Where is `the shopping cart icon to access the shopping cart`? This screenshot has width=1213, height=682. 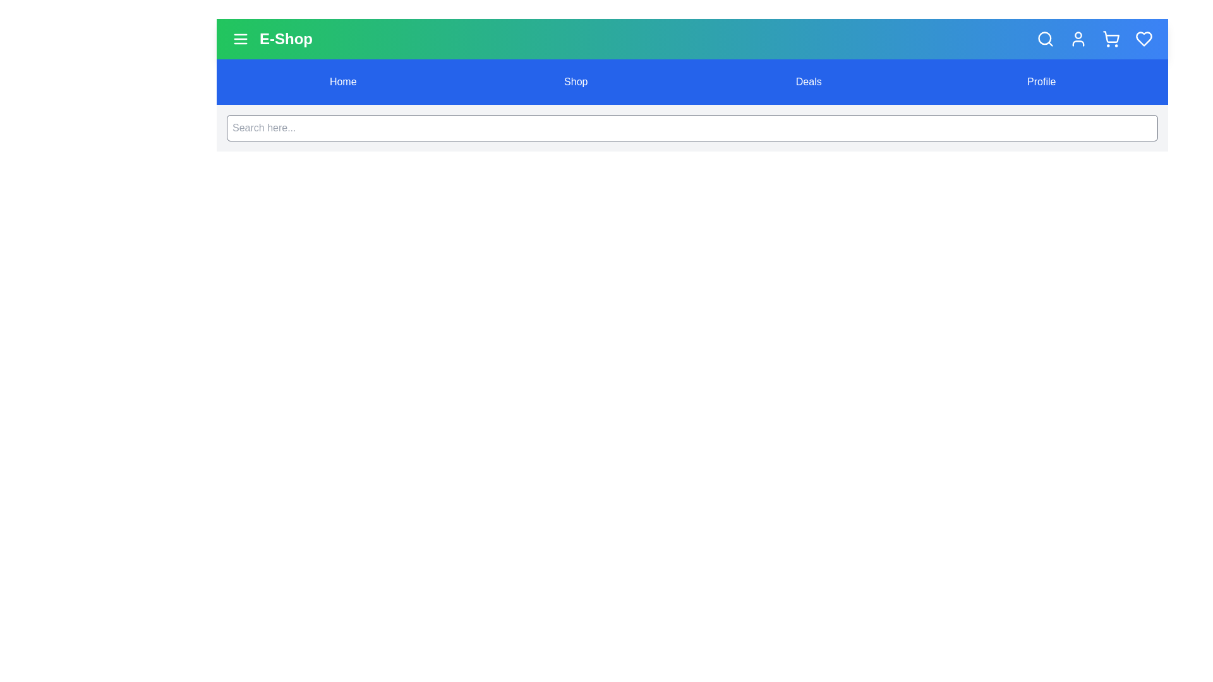
the shopping cart icon to access the shopping cart is located at coordinates (1110, 38).